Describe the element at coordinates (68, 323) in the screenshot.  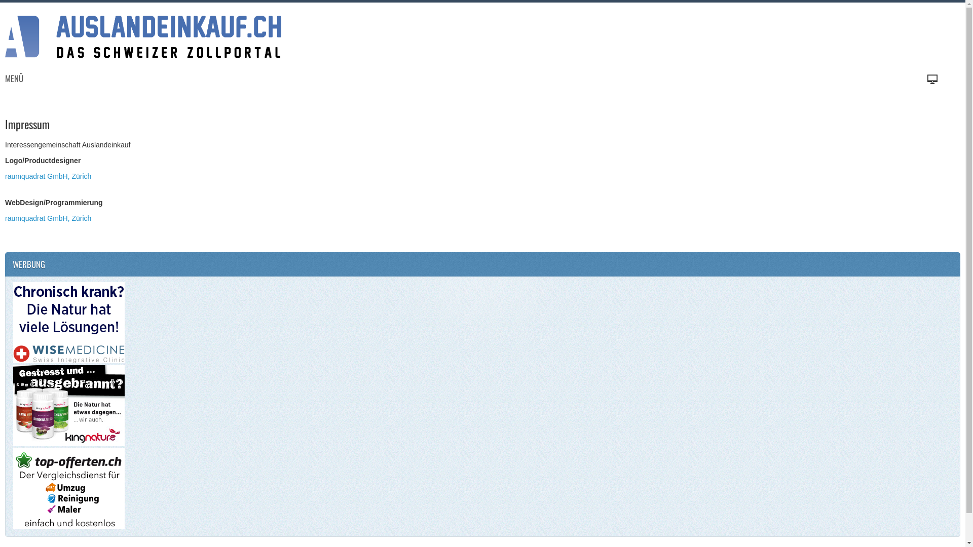
I see `'Wisemed'` at that location.